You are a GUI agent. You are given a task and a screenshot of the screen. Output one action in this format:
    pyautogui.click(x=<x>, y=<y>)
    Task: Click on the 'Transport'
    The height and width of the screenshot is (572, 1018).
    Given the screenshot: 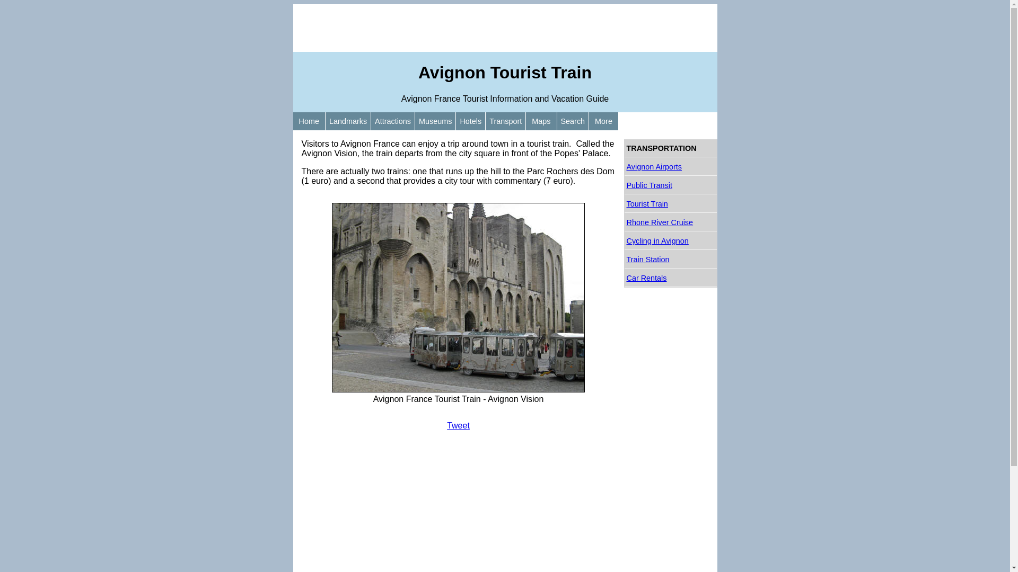 What is the action you would take?
    pyautogui.click(x=505, y=120)
    